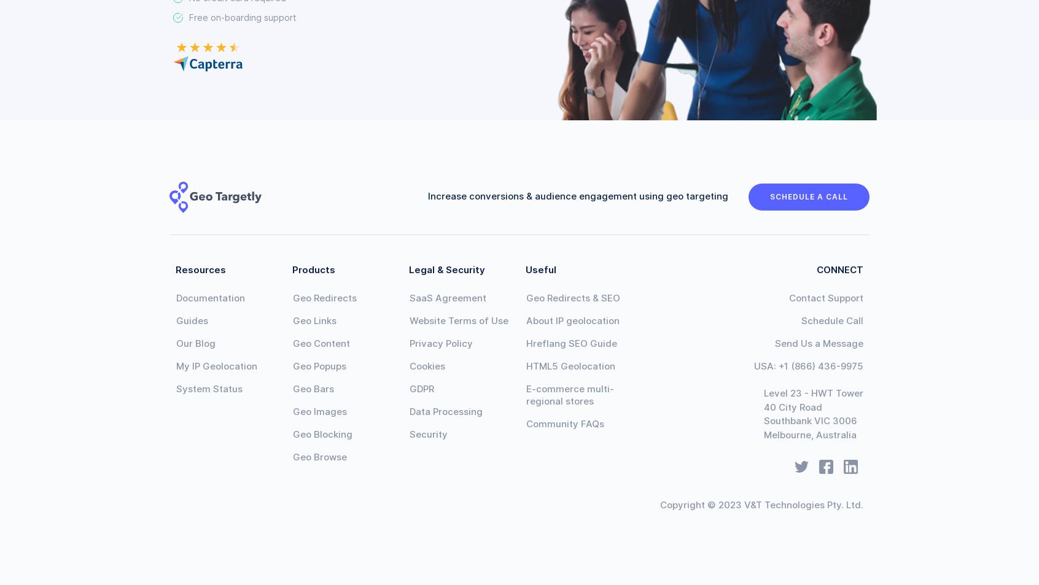  I want to click on 'SaaS Agreement', so click(447, 298).